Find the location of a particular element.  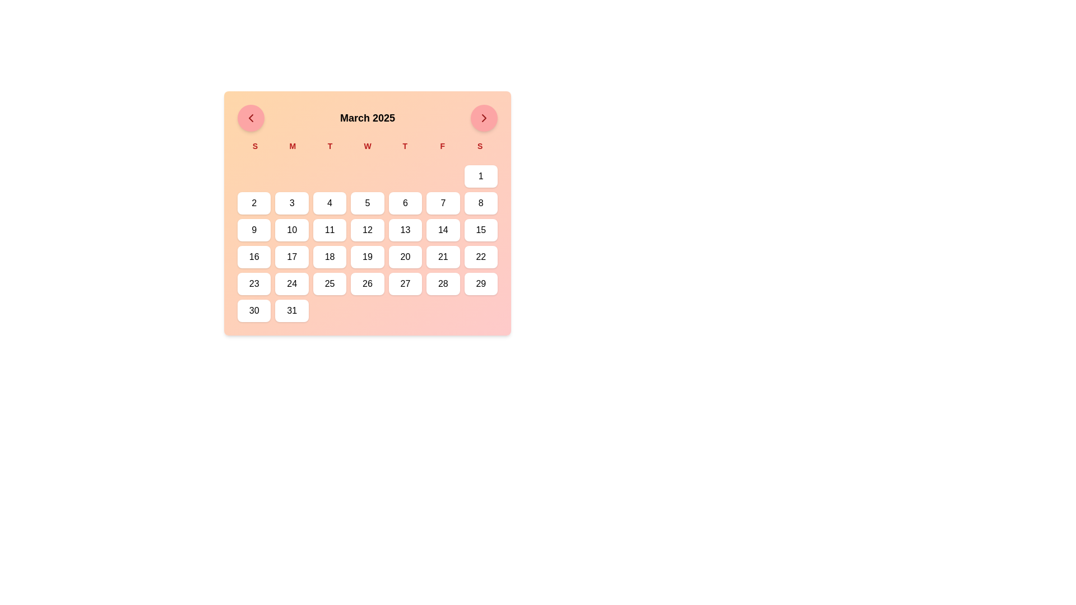

the left navigation icon embedded within the circular button located at the top left corner of the calendar interface is located at coordinates (250, 118).